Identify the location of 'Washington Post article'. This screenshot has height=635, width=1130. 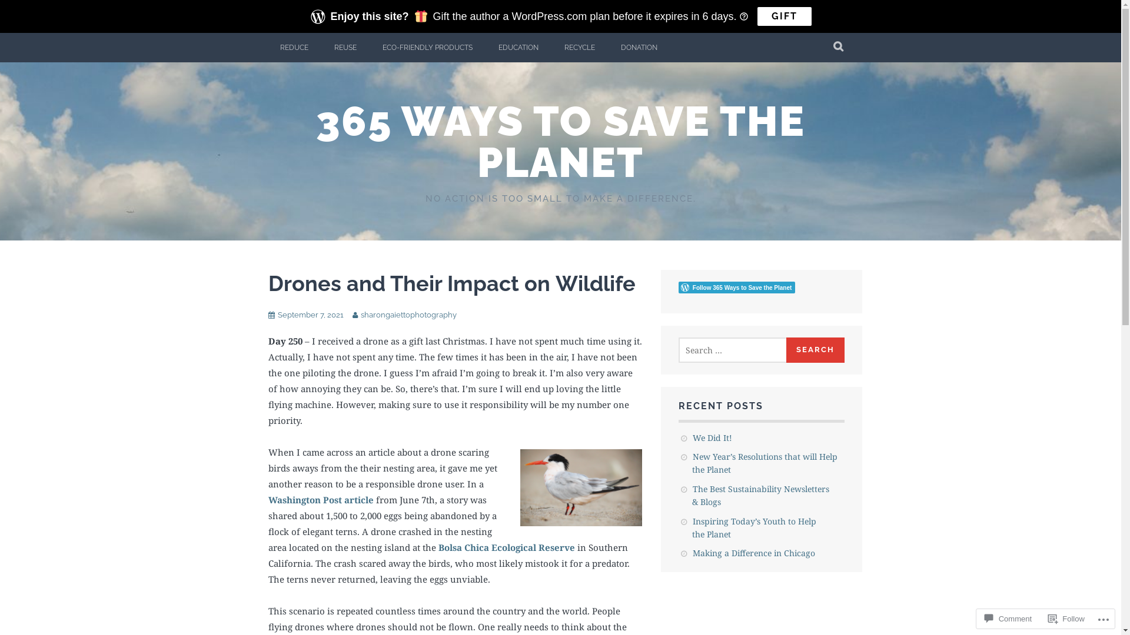
(321, 499).